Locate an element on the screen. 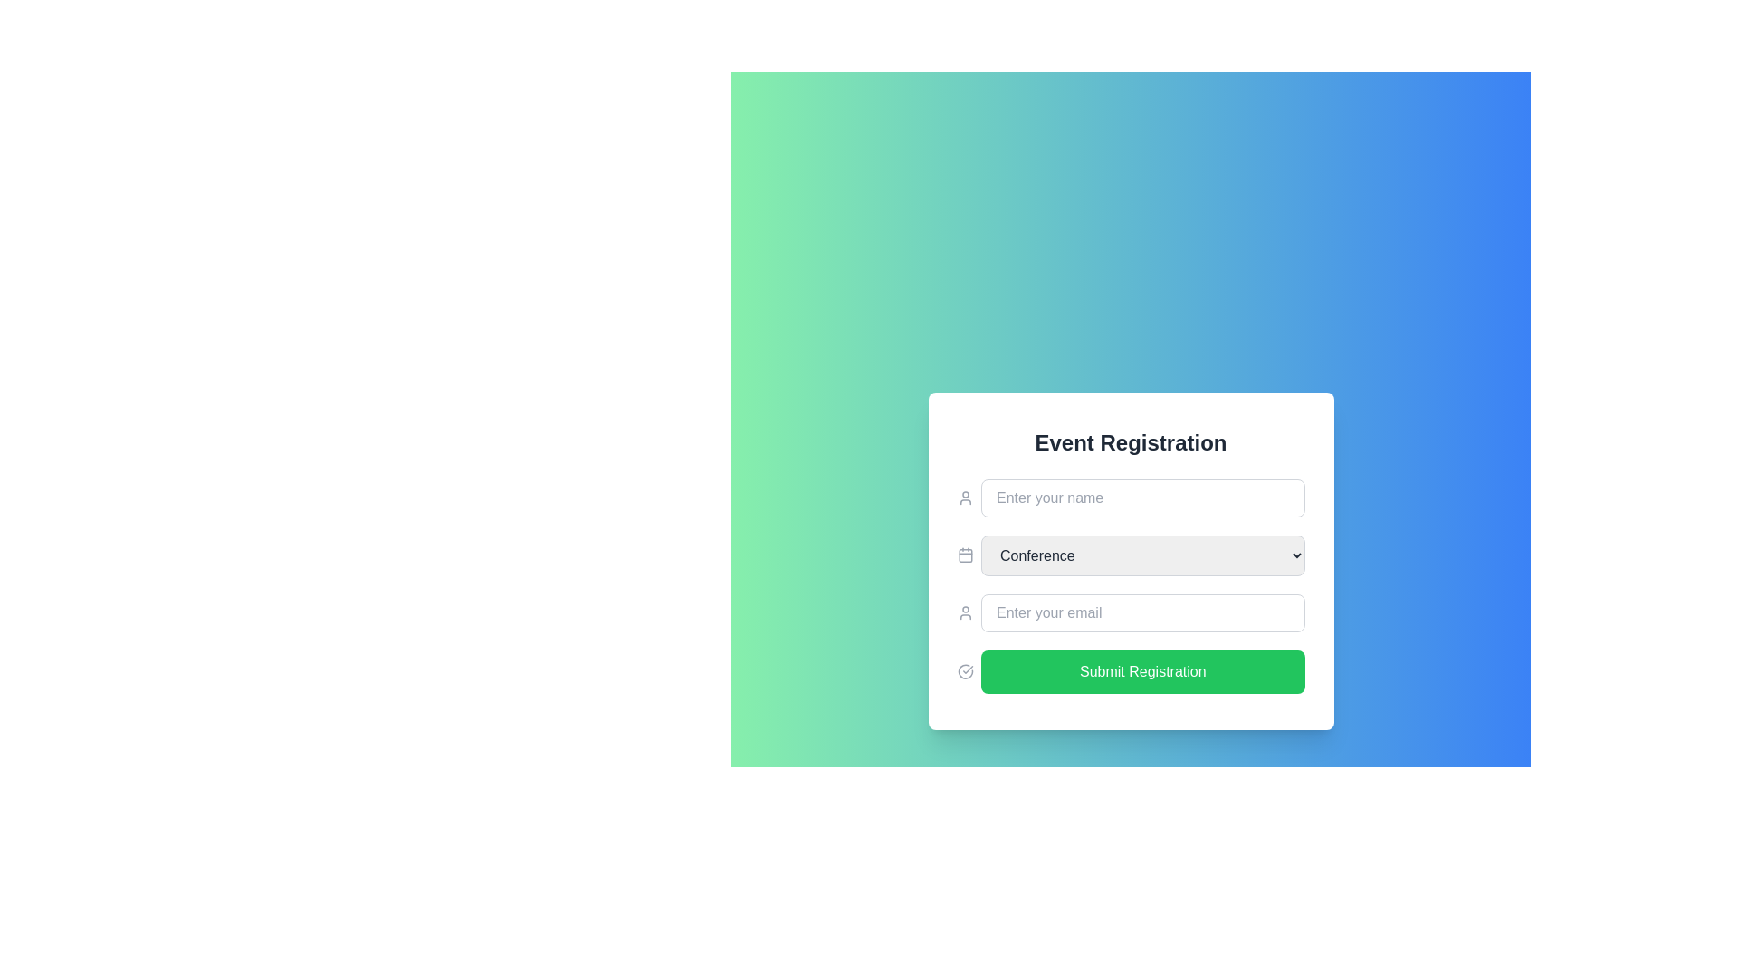 Image resolution: width=1738 pixels, height=977 pixels. the 'Submit' button located at the bottom of the 'Event Registration' form is located at coordinates (1141, 671).